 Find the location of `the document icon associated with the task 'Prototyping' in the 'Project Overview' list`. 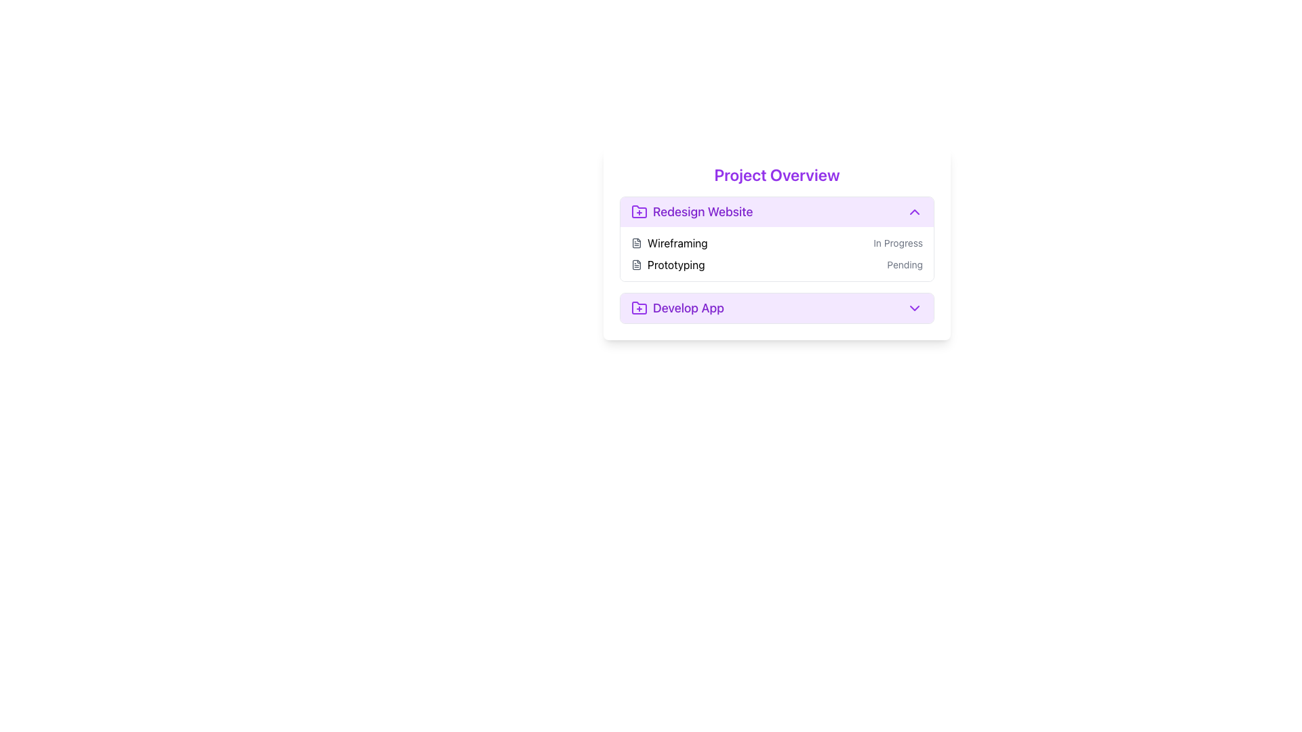

the document icon associated with the task 'Prototyping' in the 'Project Overview' list is located at coordinates (636, 264).